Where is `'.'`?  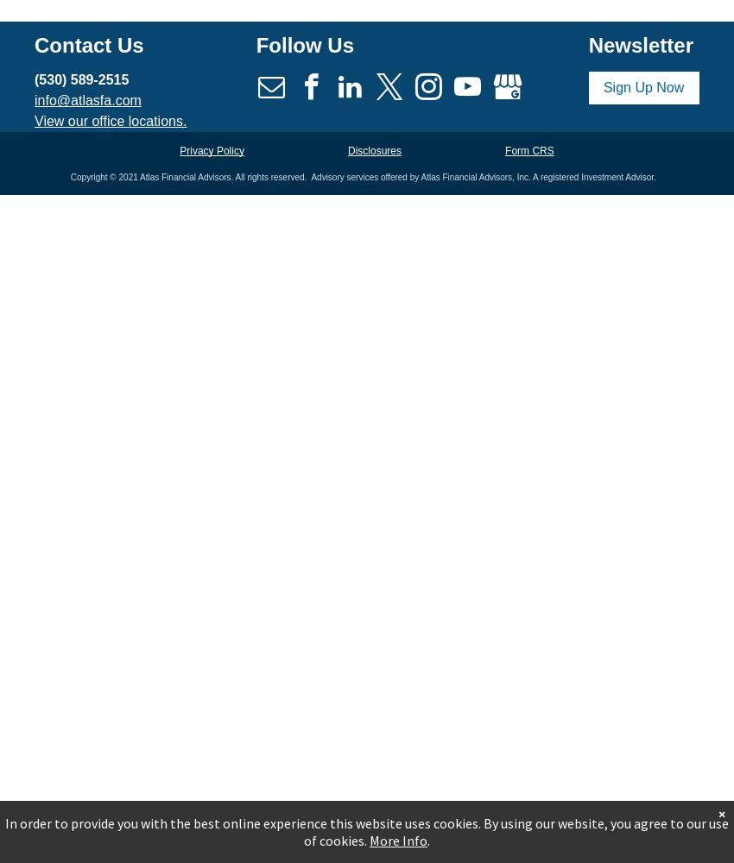
'.' is located at coordinates (428, 840).